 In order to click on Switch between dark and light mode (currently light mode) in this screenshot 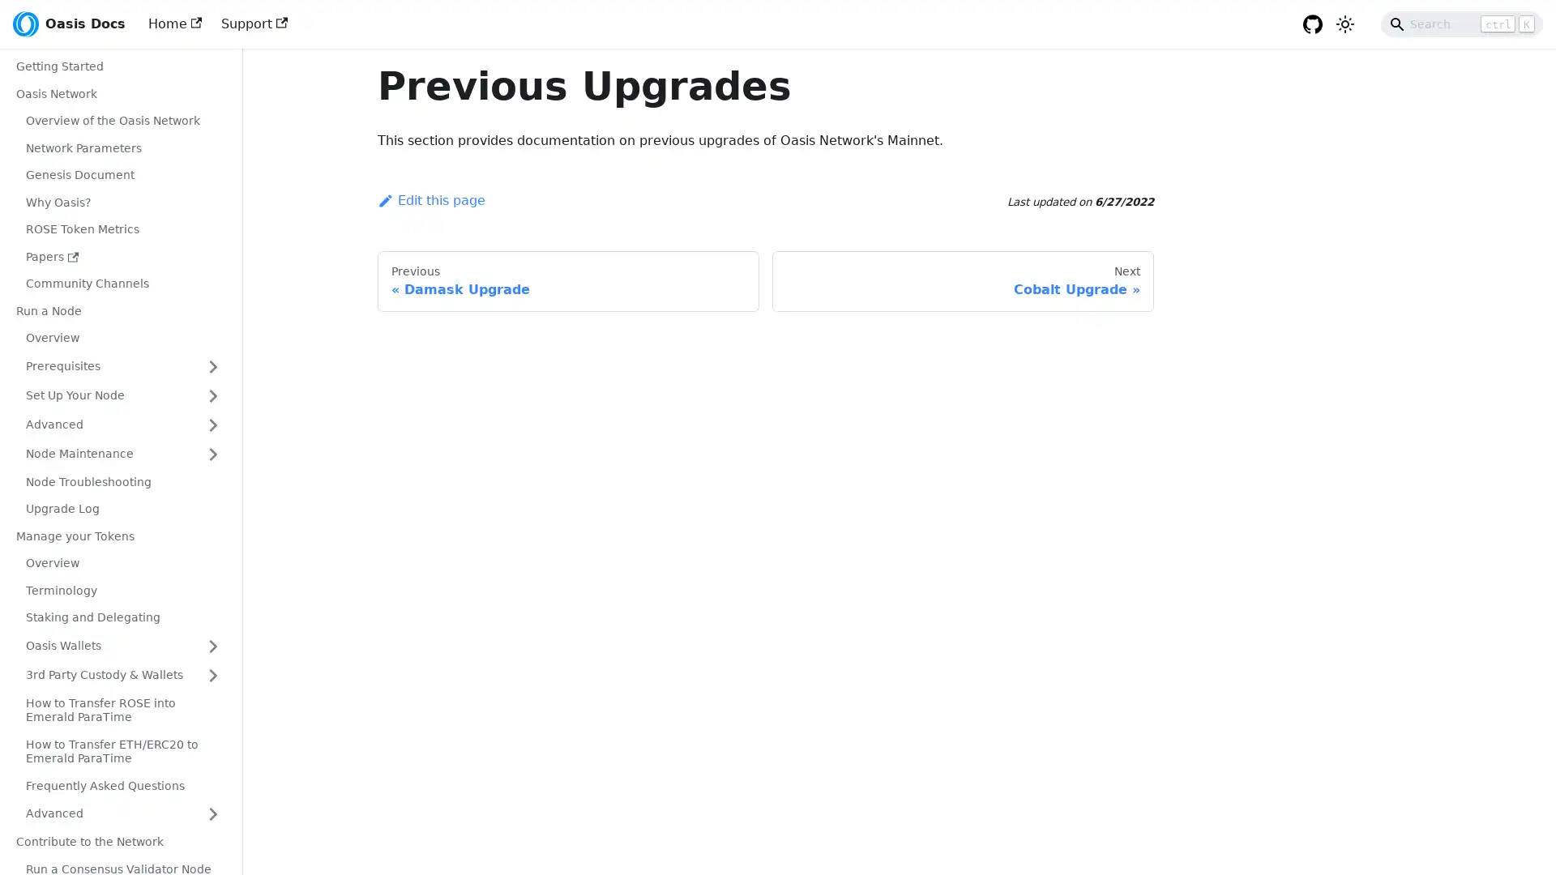, I will do `click(1345, 24)`.